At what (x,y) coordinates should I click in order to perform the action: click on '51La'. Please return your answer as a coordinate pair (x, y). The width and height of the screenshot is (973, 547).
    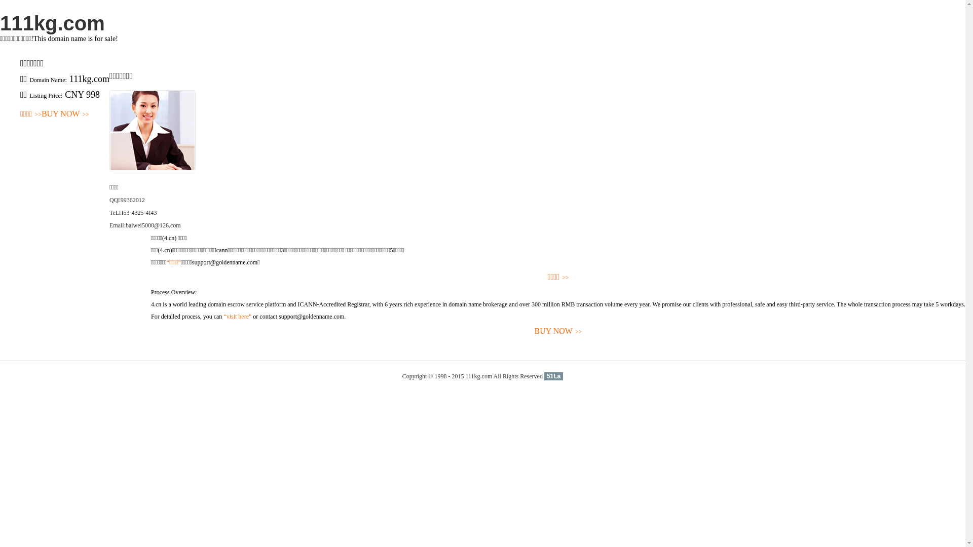
    Looking at the image, I should click on (544, 376).